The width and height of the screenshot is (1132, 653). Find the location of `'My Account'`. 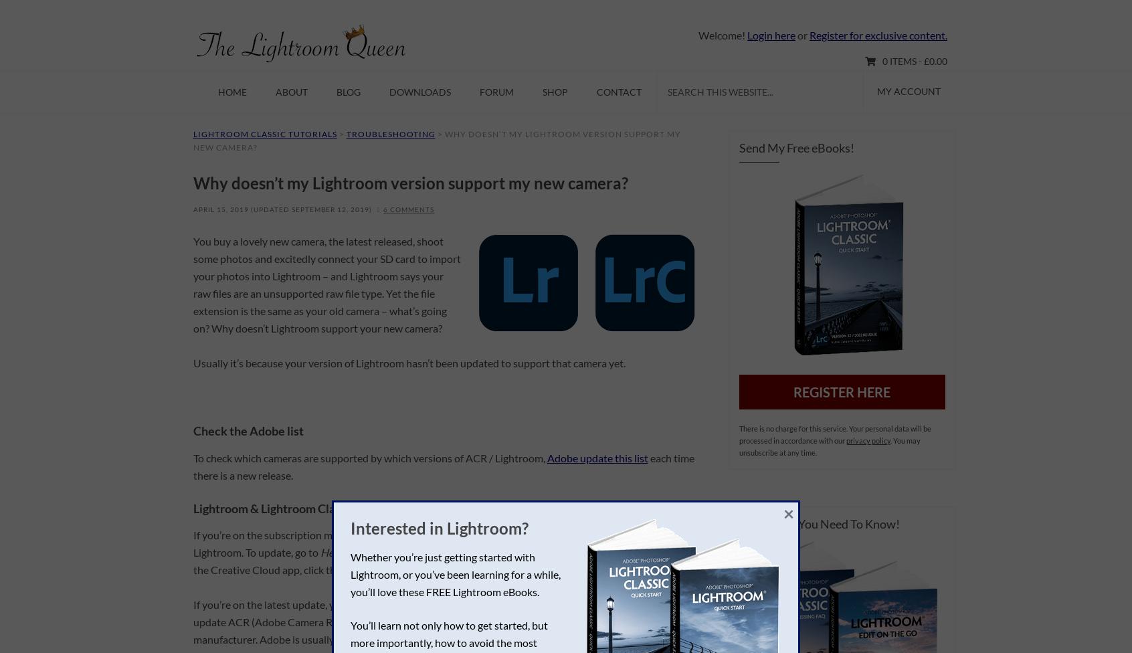

'My Account' is located at coordinates (909, 90).